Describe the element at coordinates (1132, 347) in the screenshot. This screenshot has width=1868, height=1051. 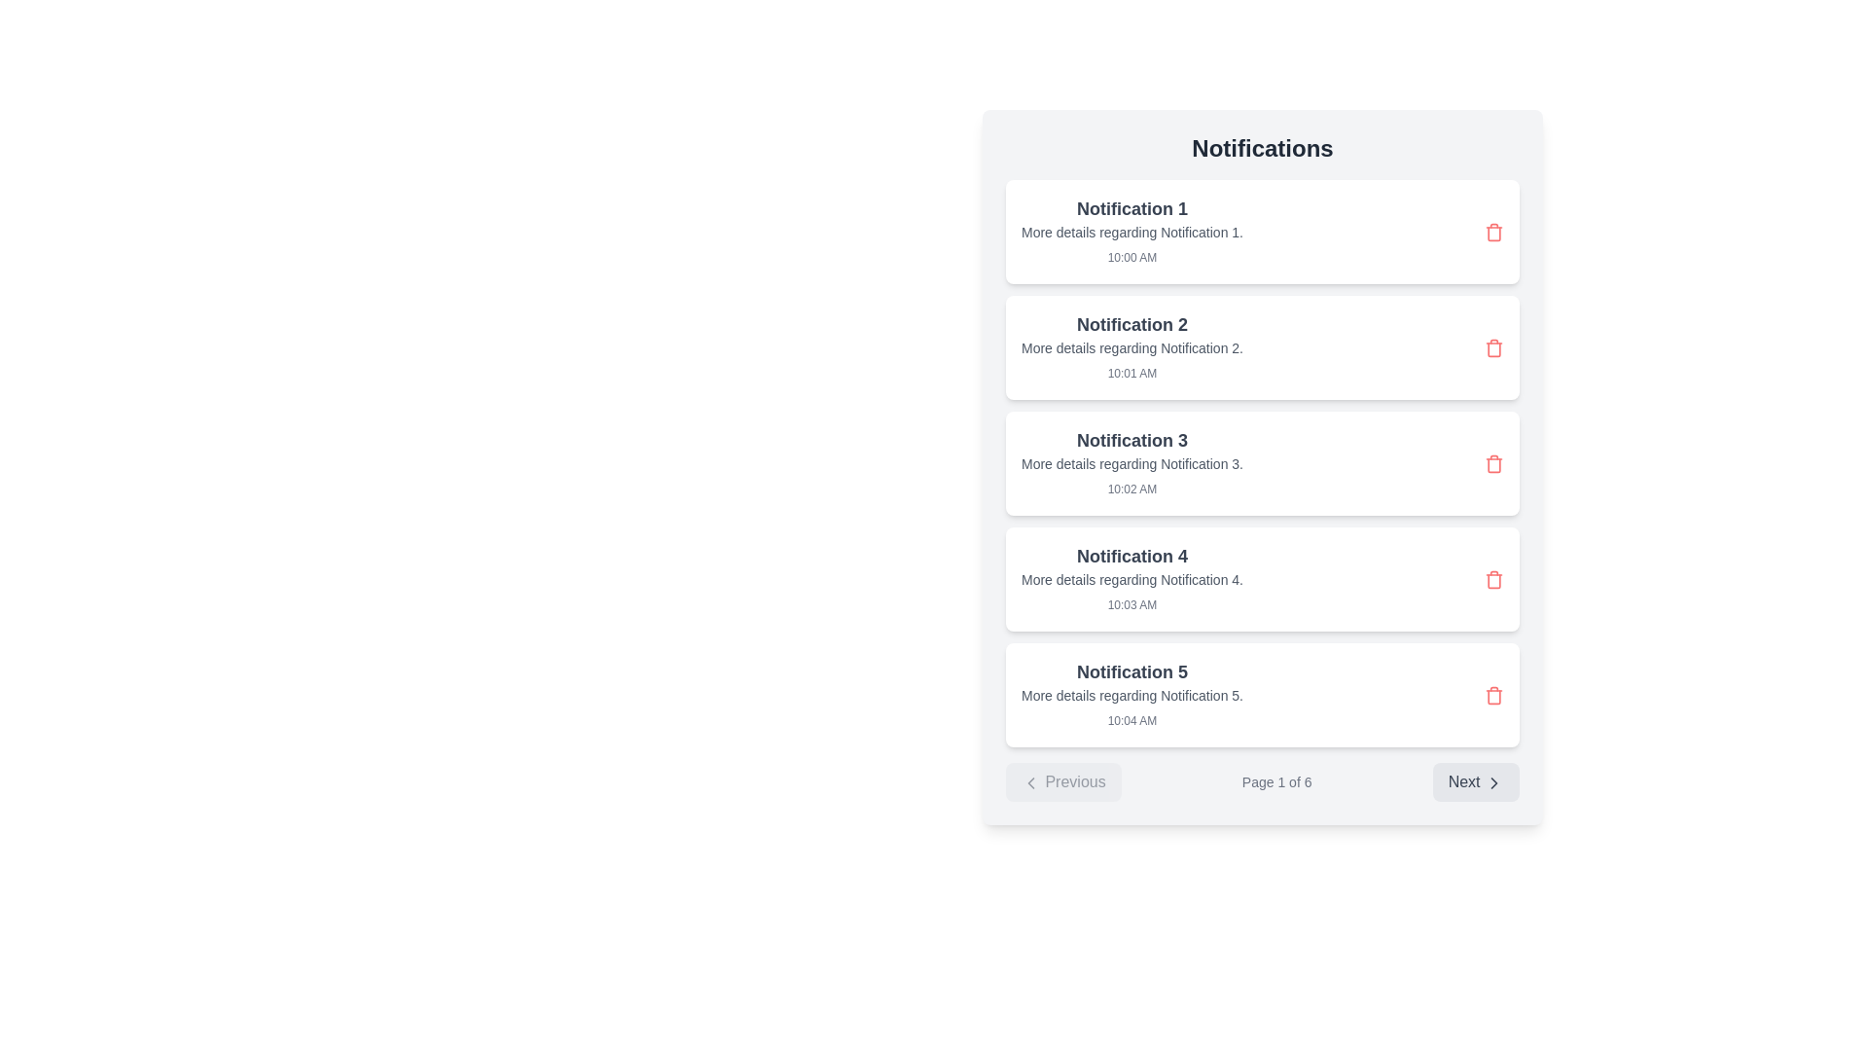
I see `the non-interactive Text label providing additional information for 'Notification 2', located in the second notification card, beneath the header and above the timestamp` at that location.